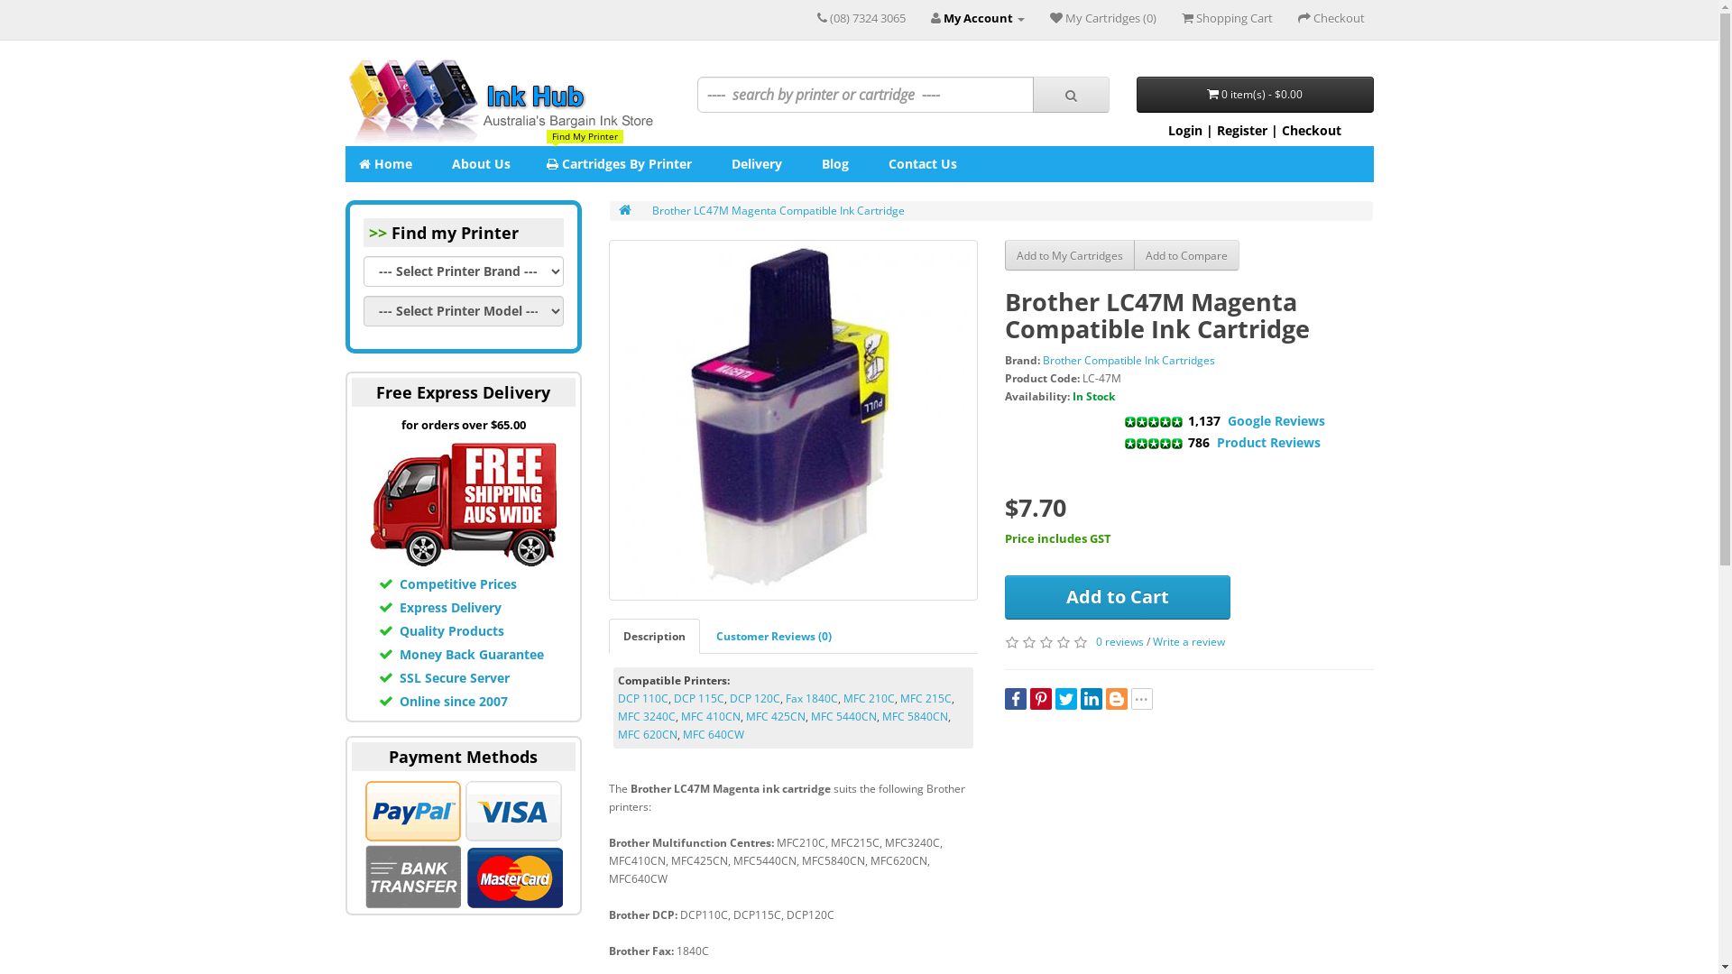 This screenshot has width=1732, height=974. Describe the element at coordinates (1128, 360) in the screenshot. I see `'Brother Compatible Ink Cartridges'` at that location.